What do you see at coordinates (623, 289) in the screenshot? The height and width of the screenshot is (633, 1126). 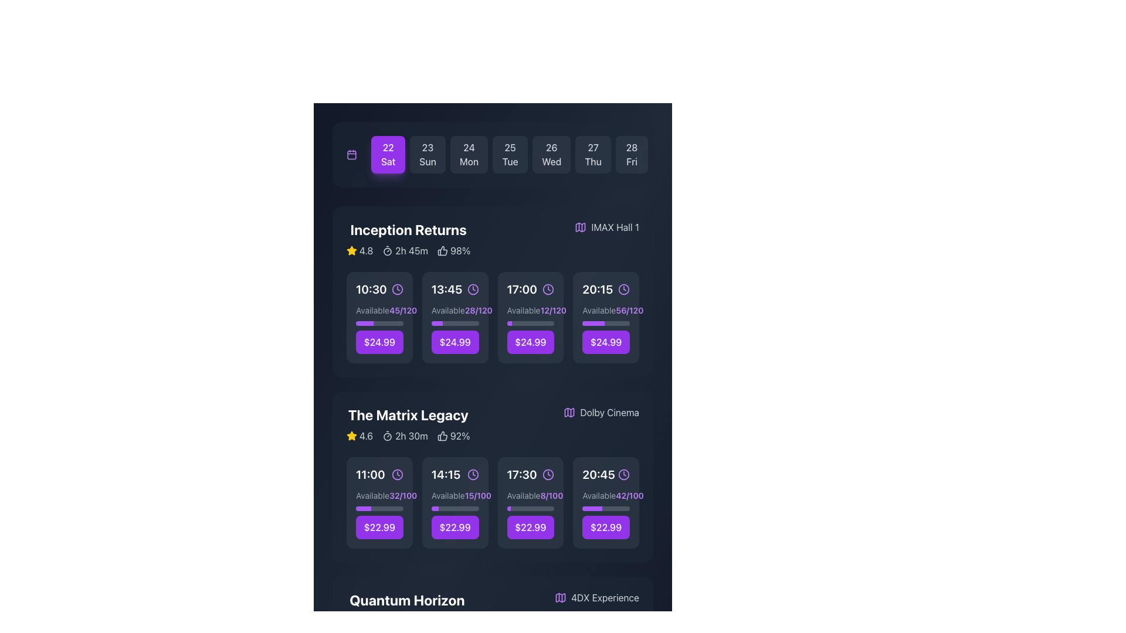 I see `the clock icon represented by the SVG circle element next to the time '20:15' in the 'Inception Returns' section` at bounding box center [623, 289].